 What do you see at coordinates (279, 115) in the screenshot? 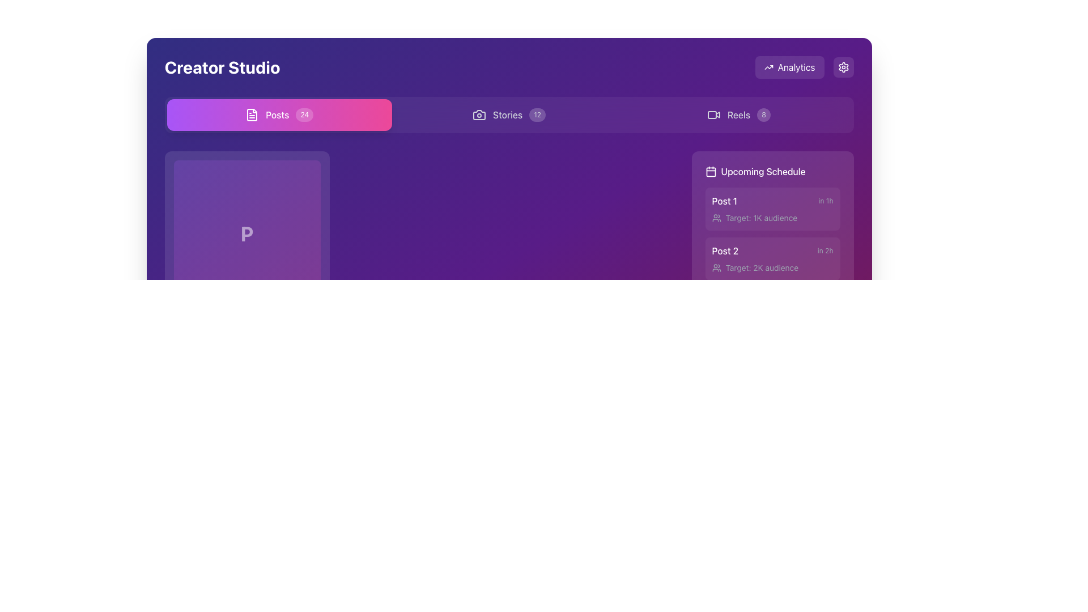
I see `the rectangular button labeled 'Posts' with a gradient background transitioning from purple to pink` at bounding box center [279, 115].